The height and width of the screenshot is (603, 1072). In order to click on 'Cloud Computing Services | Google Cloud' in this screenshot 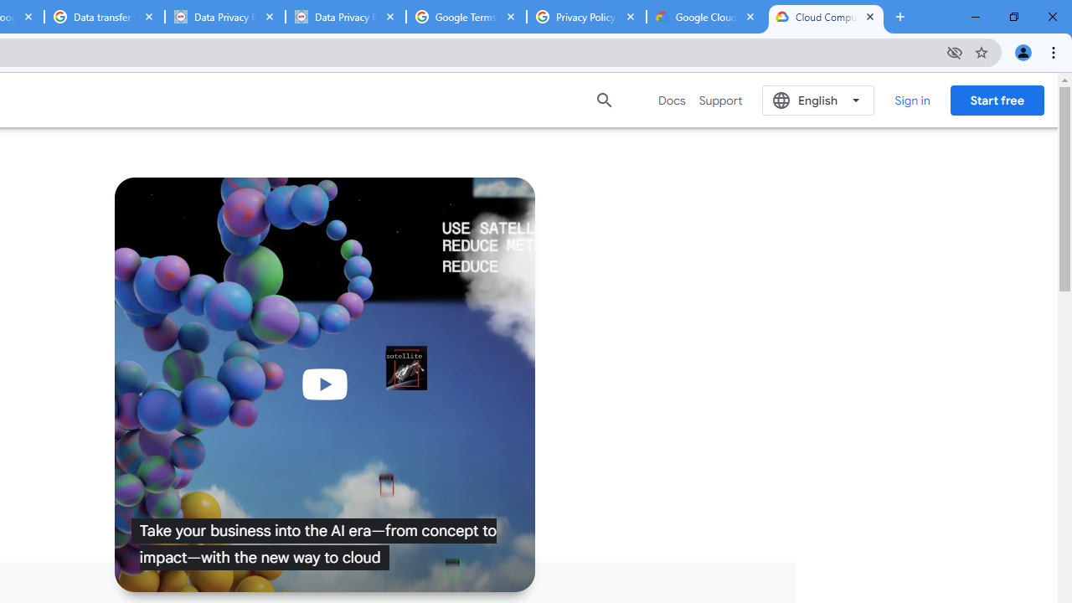, I will do `click(826, 17)`.